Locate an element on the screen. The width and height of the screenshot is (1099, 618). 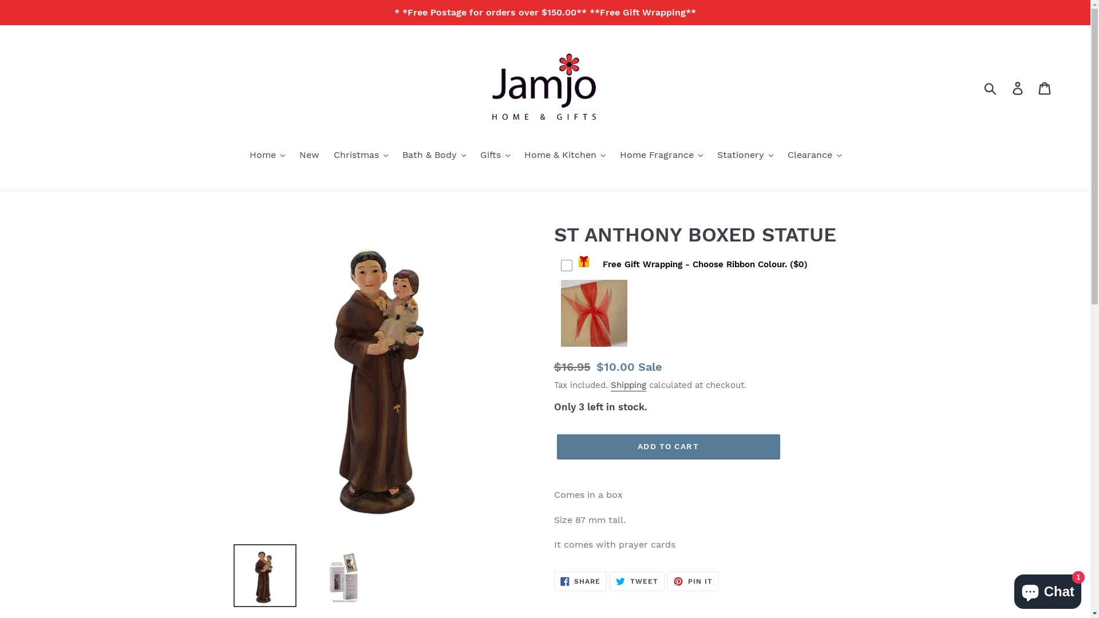
'Cart' is located at coordinates (1045, 88).